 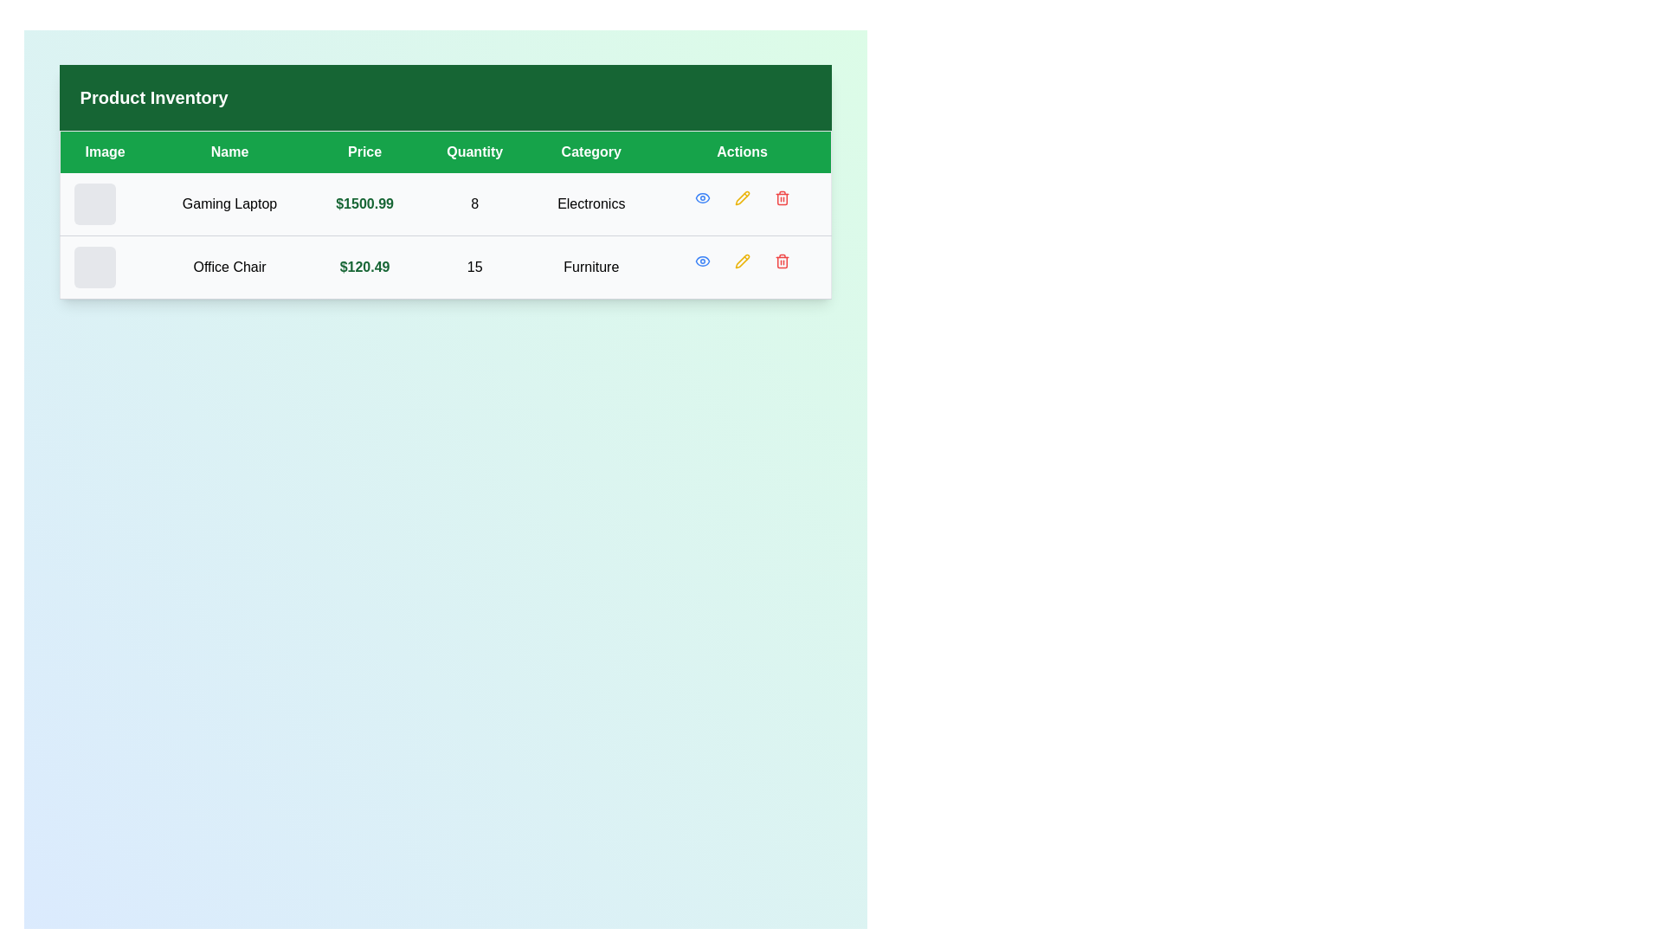 What do you see at coordinates (702, 197) in the screenshot?
I see `the blue eye icon button located in the 'Actions' column of the top row in the product inventory table` at bounding box center [702, 197].